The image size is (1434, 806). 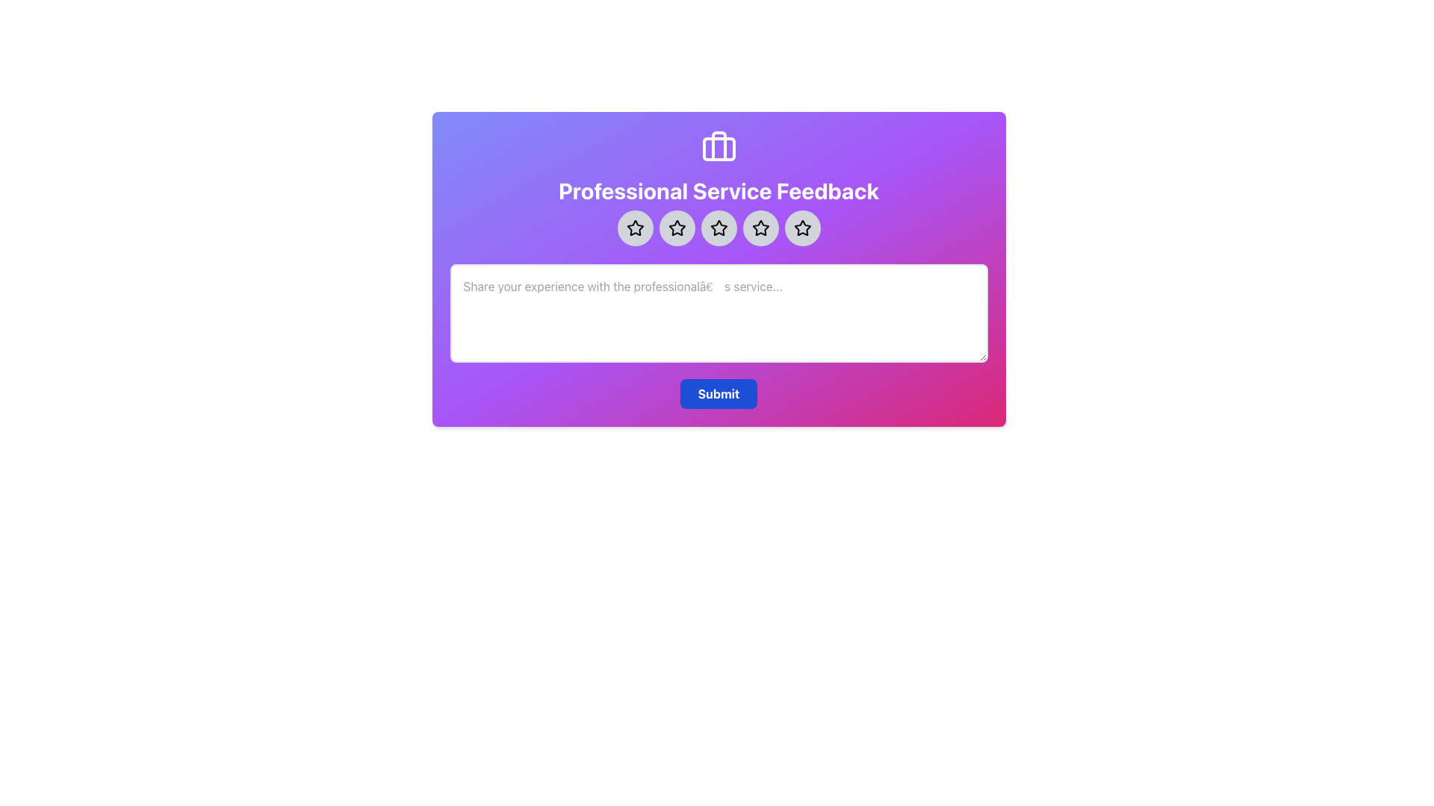 I want to click on the circular button with a light gray background and a black star icon, so click(x=676, y=228).